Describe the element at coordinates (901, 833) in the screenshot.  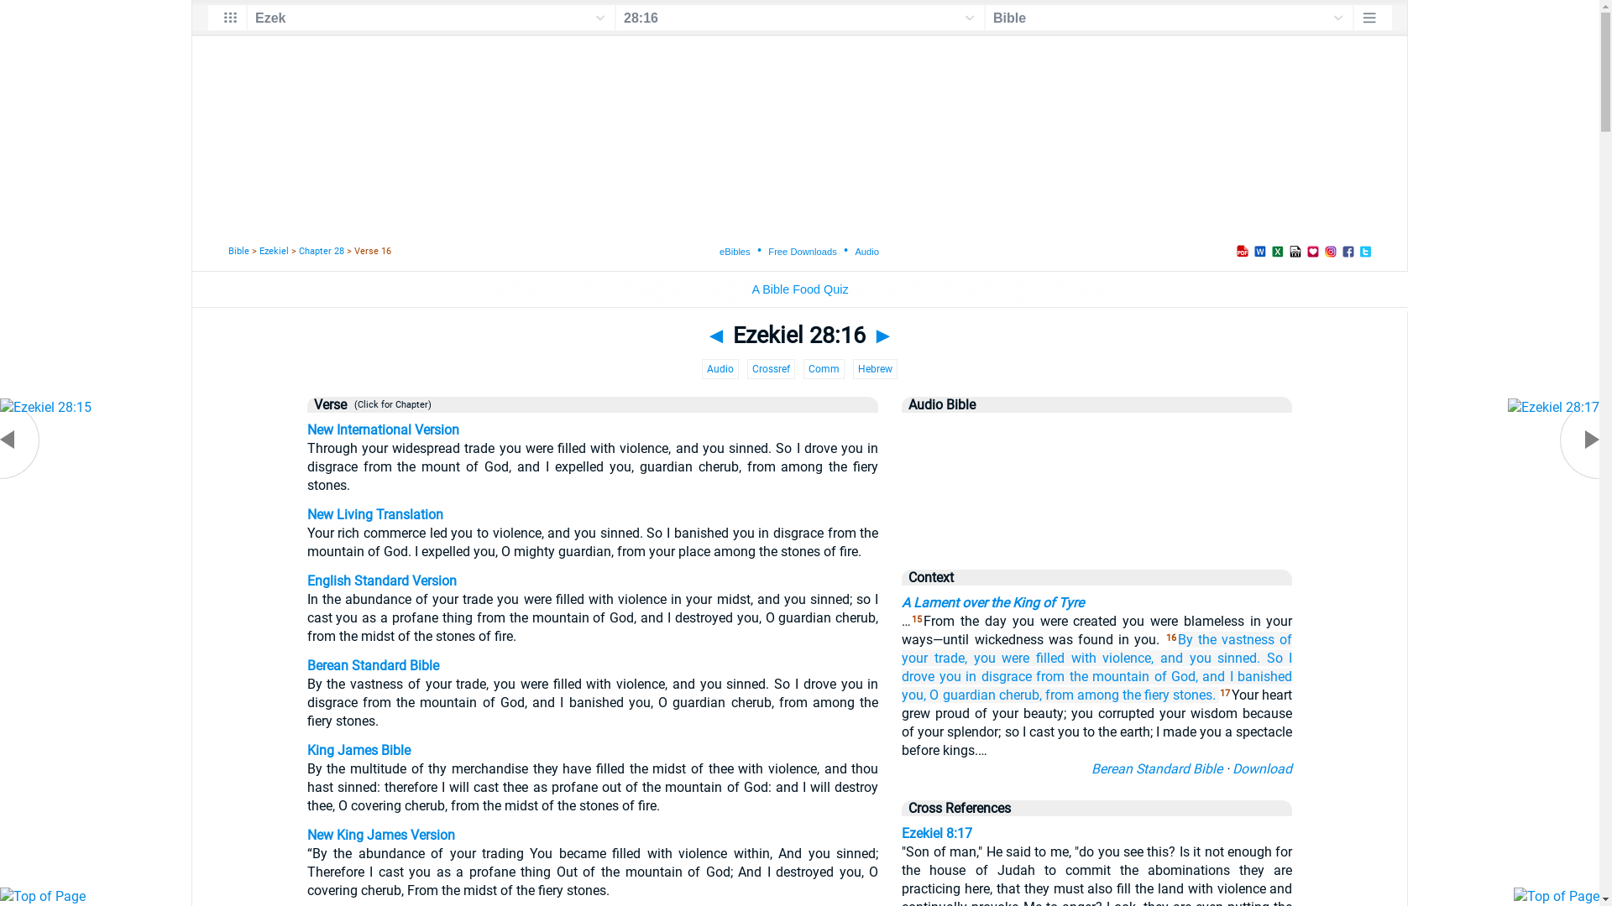
I see `'Ezekiel 8:17'` at that location.